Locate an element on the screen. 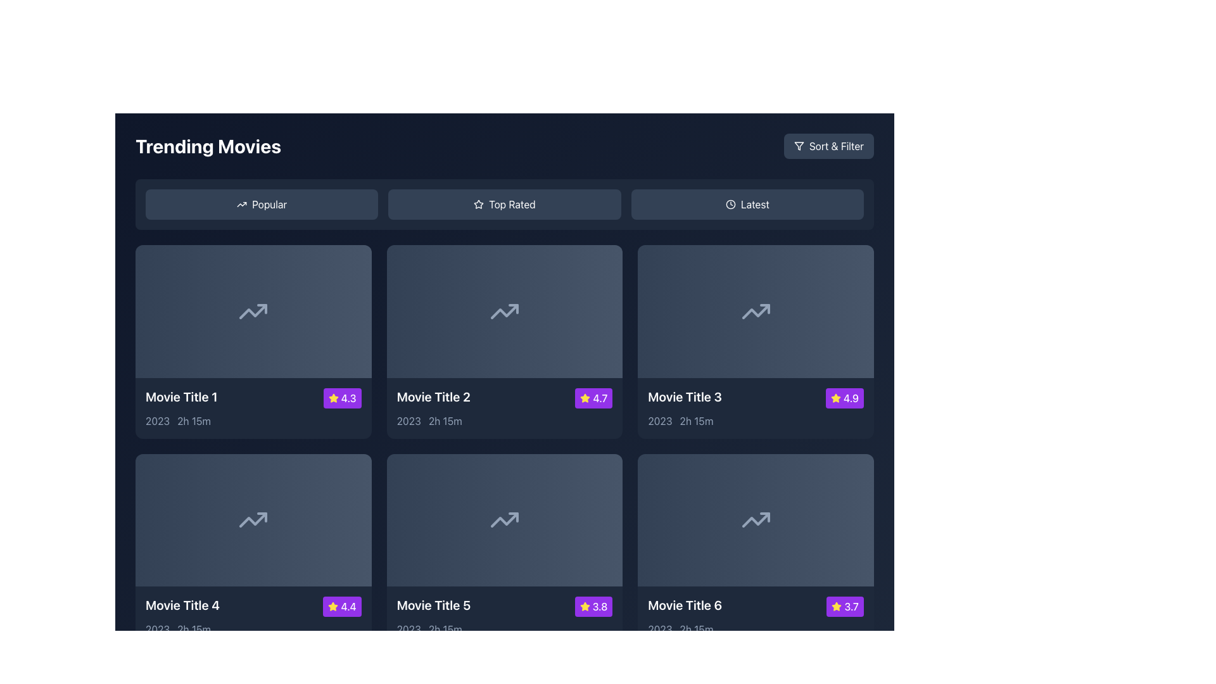 The image size is (1216, 684). title 'Trending Movies' from the text label located in the top-left section of the page interface, next to the 'Sort & Filter' button is located at coordinates (208, 146).